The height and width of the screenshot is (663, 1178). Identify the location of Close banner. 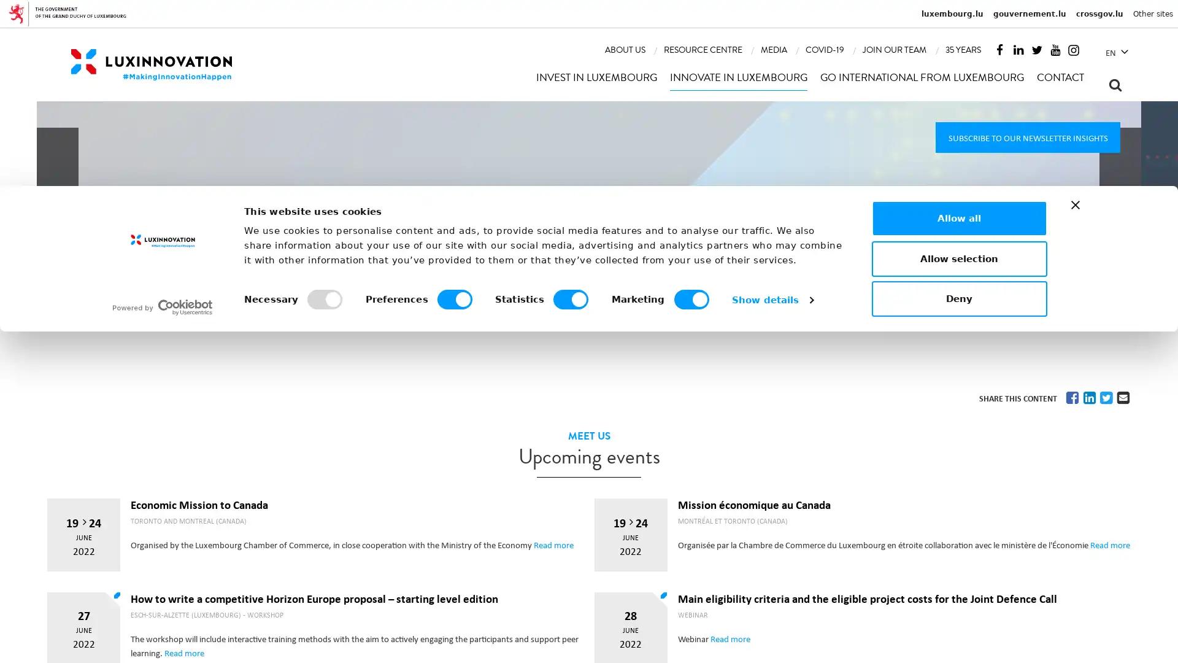
(1074, 536).